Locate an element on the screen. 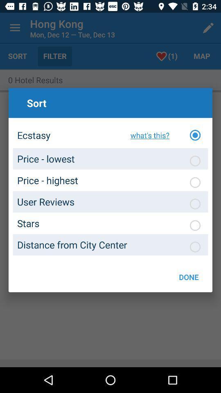  click icon button is located at coordinates (194, 203).